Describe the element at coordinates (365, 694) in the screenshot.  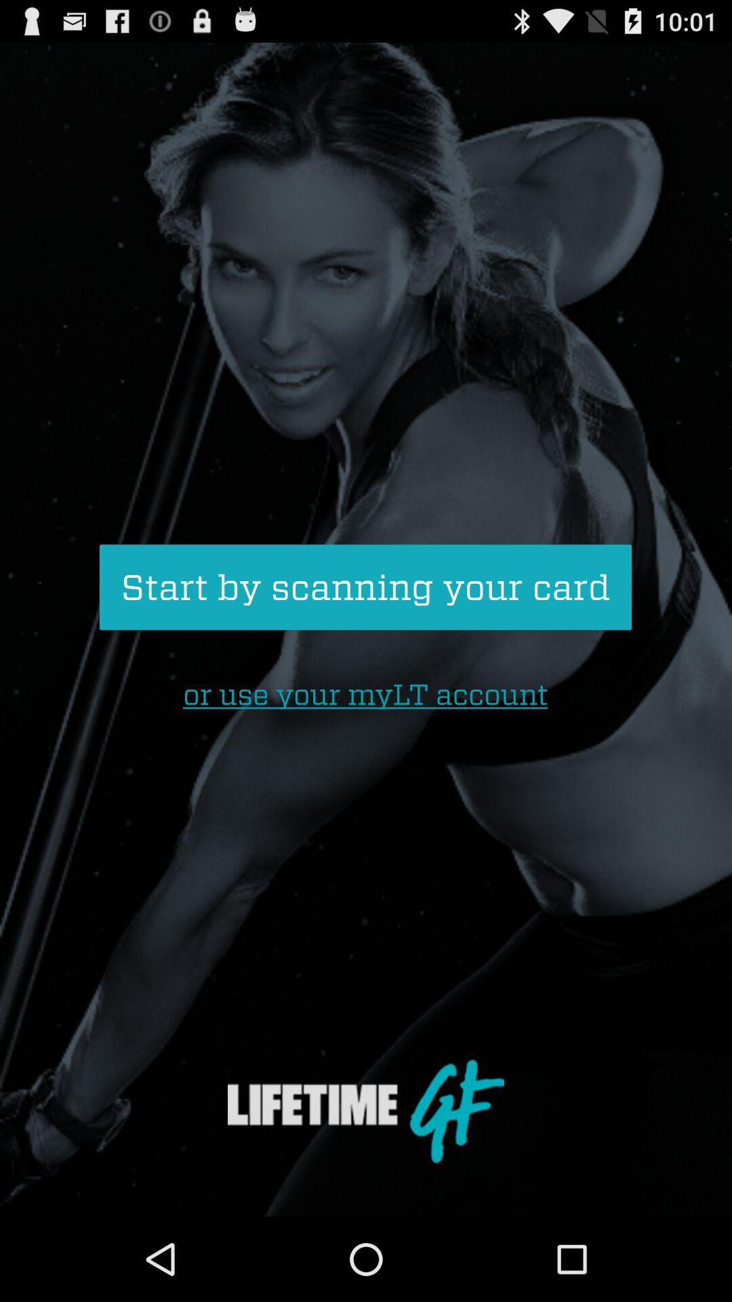
I see `item below the start by scanning item` at that location.